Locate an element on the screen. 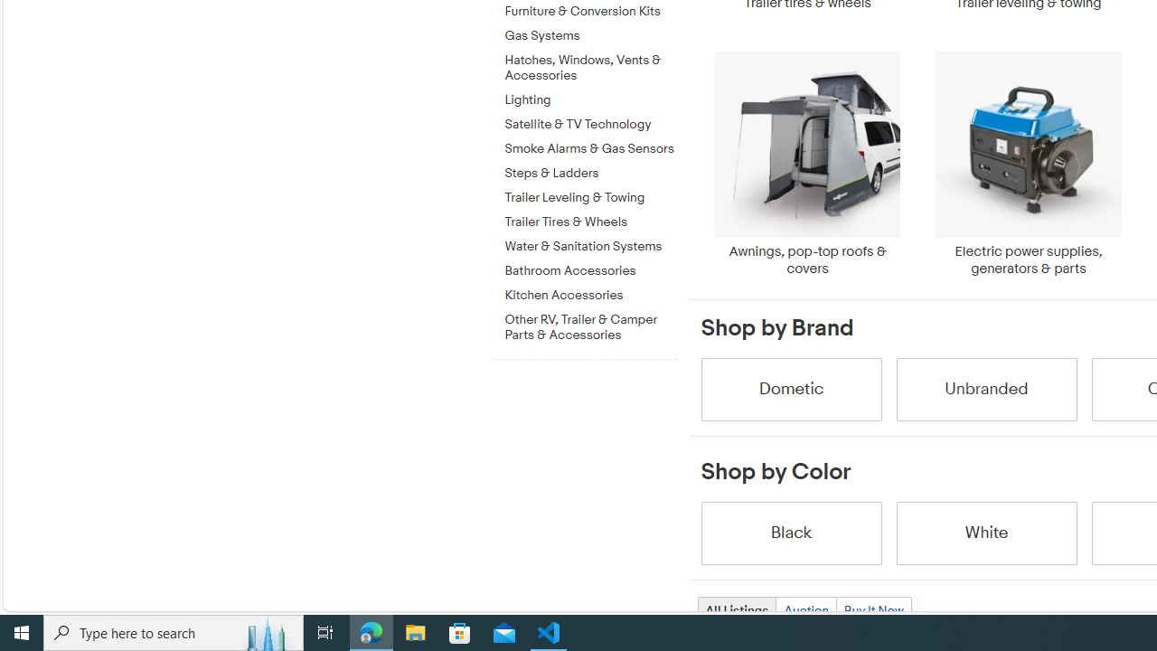 This screenshot has width=1157, height=651. 'Black' is located at coordinates (790, 532).